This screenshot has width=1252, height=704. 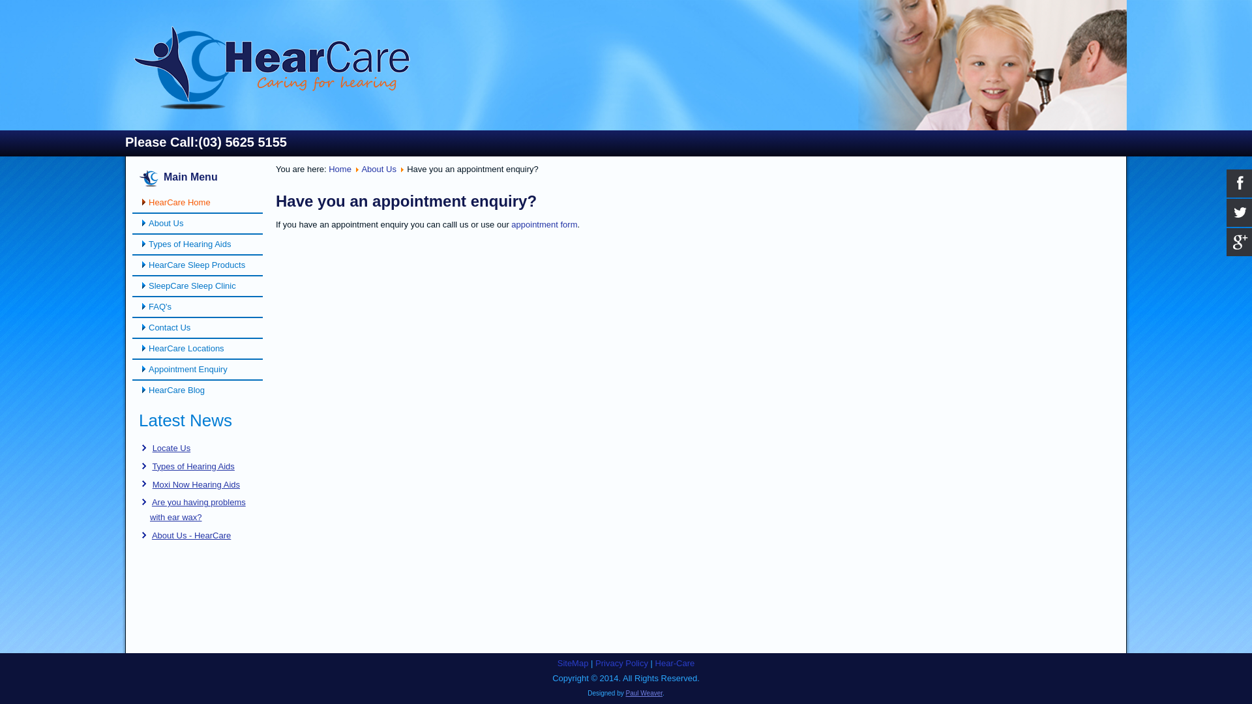 What do you see at coordinates (132, 327) in the screenshot?
I see `'Contact Us'` at bounding box center [132, 327].